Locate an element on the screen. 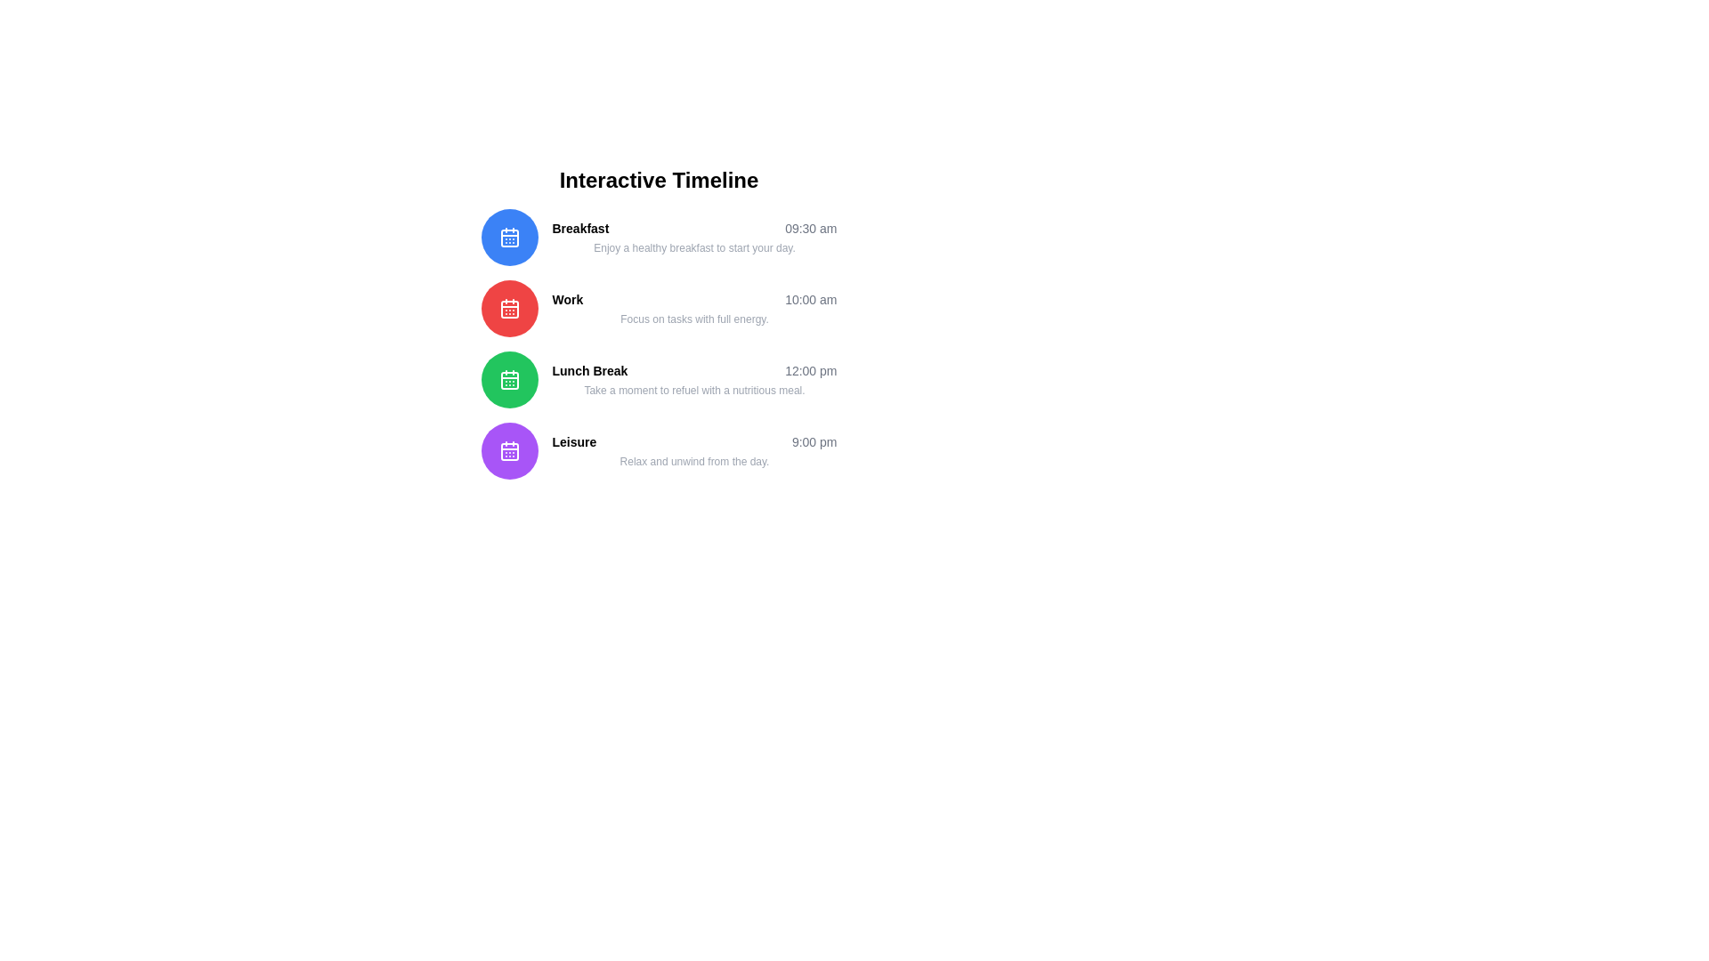 The image size is (1709, 961). the calendar icon within the green circular background, which is the third icon in a vertical sequence of four calendar icons is located at coordinates (508, 379).